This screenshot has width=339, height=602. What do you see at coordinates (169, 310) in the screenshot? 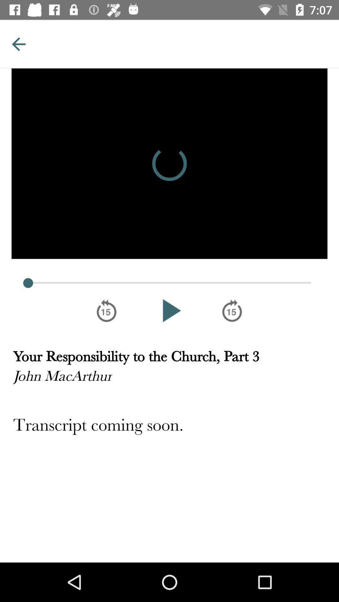
I see `video` at bounding box center [169, 310].